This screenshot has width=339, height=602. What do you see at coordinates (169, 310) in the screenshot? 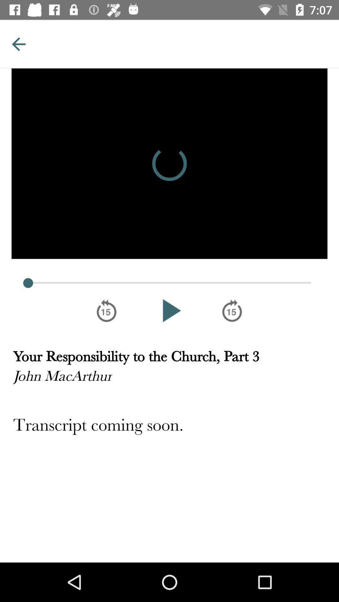
I see `video` at bounding box center [169, 310].